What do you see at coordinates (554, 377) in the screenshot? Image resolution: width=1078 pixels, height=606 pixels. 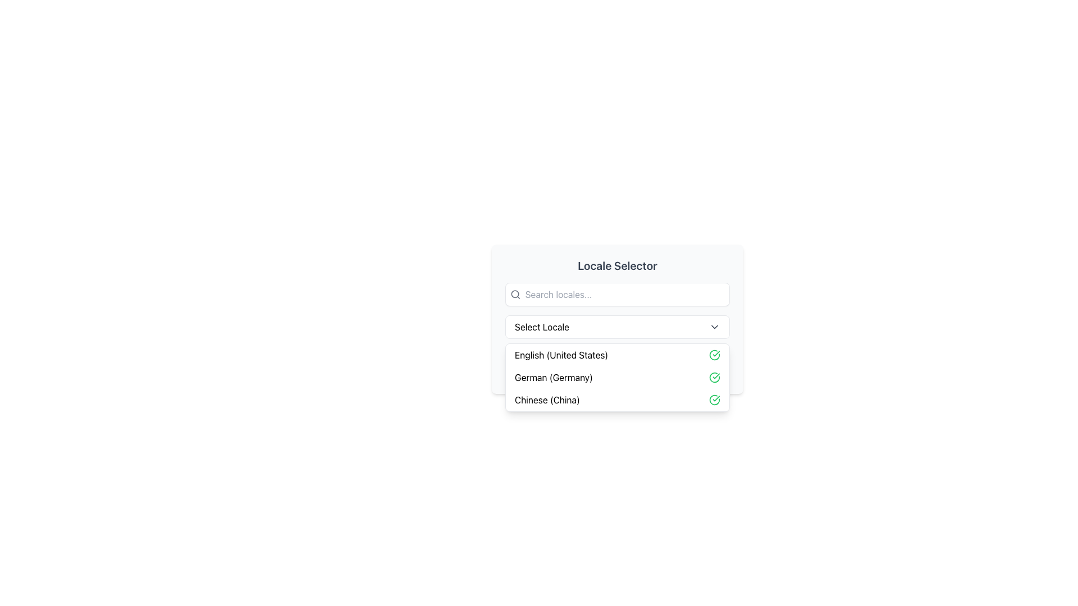 I see `the second option in the locale selection dropdown` at bounding box center [554, 377].